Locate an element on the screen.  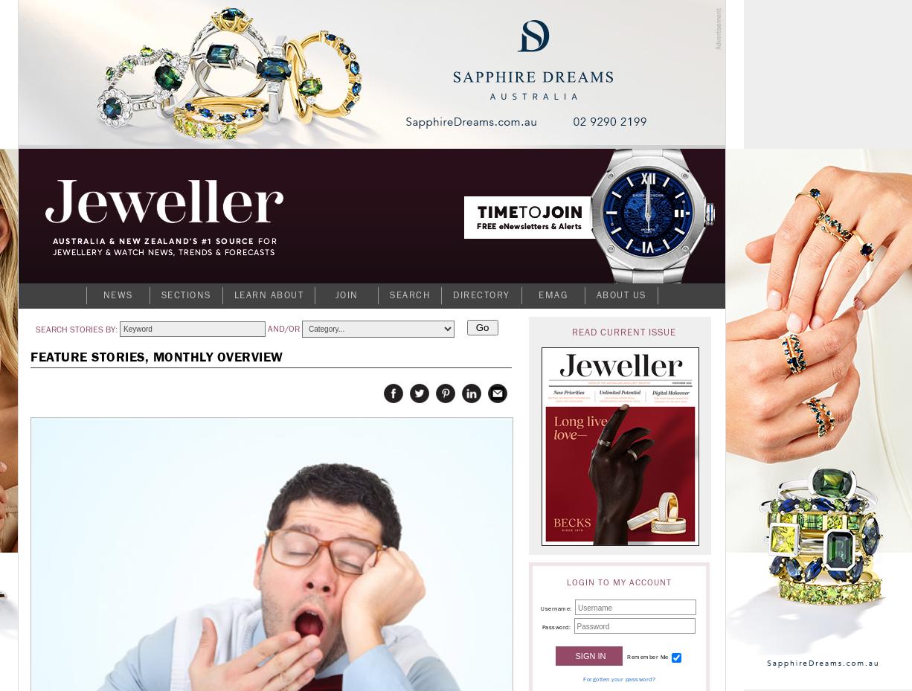
'About Us' is located at coordinates (594, 294).